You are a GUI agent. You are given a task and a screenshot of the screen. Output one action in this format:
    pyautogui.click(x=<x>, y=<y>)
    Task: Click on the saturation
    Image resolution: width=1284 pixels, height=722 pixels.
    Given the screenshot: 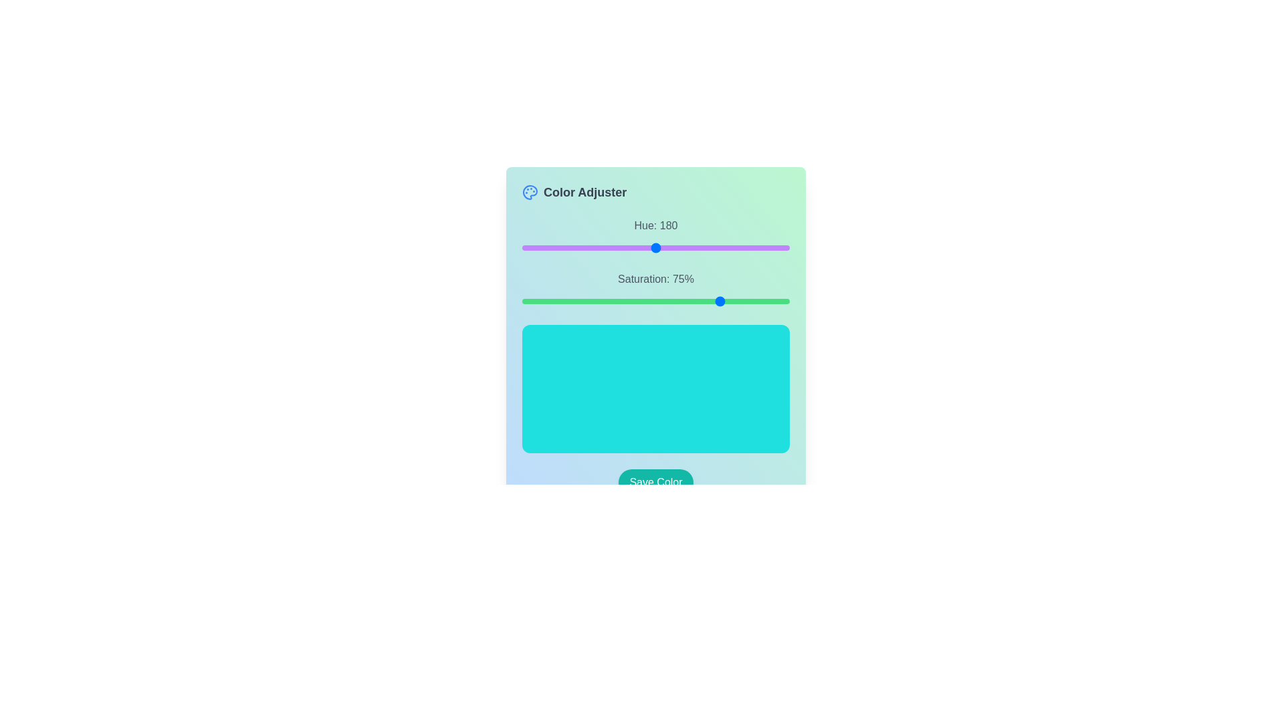 What is the action you would take?
    pyautogui.click(x=658, y=302)
    